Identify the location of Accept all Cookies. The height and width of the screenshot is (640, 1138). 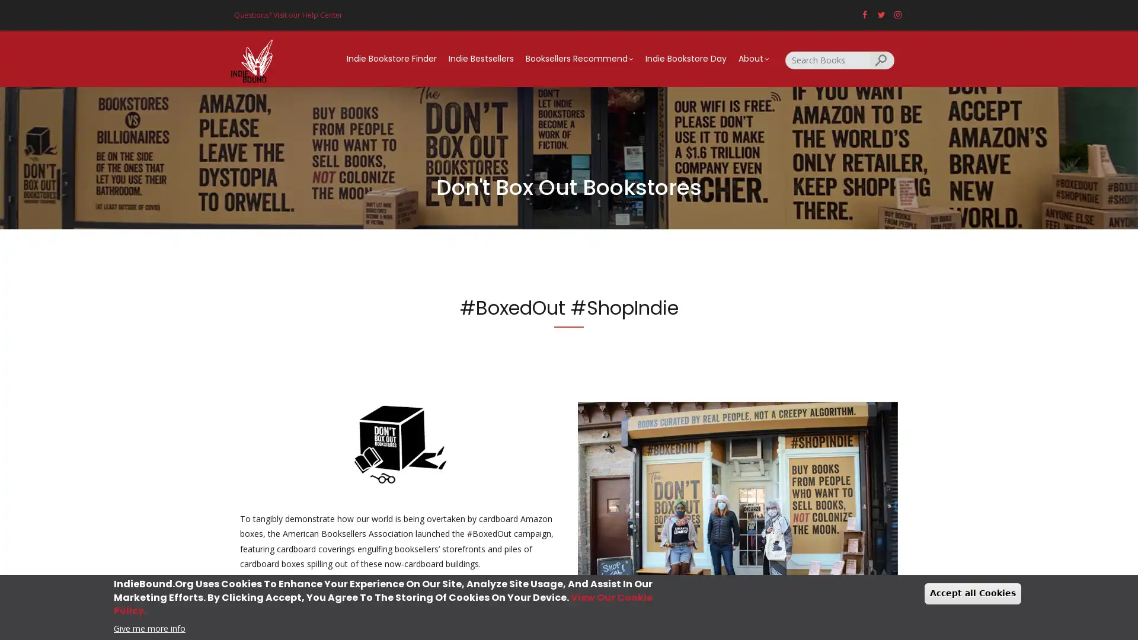
(973, 593).